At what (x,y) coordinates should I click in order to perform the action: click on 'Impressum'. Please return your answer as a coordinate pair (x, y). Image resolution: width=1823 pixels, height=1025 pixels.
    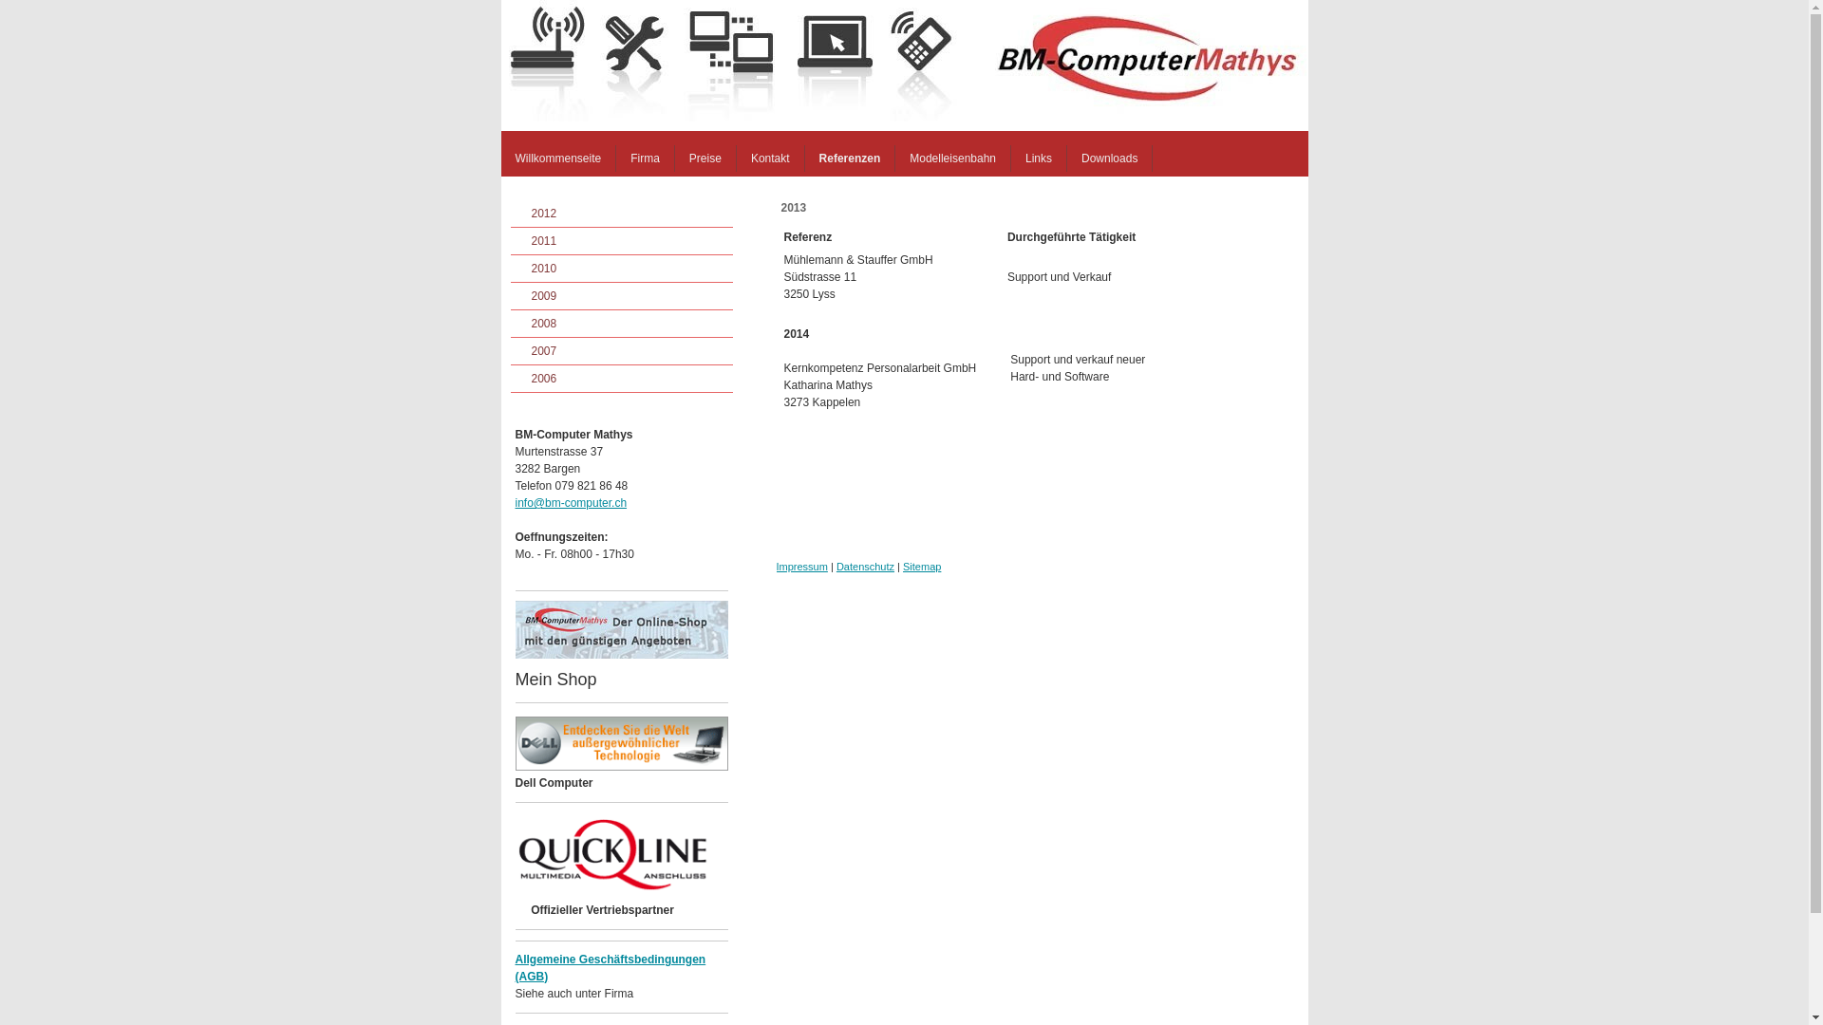
    Looking at the image, I should click on (801, 566).